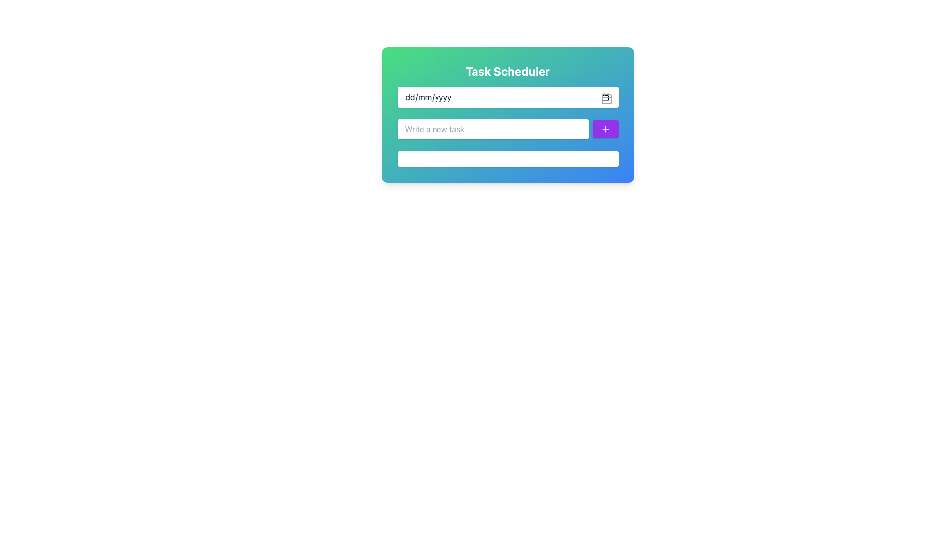  What do you see at coordinates (606, 99) in the screenshot?
I see `the small rectangle with rounded corners inside the calendar icon located at the far right of the 'dd/mm/yyyy' text field` at bounding box center [606, 99].